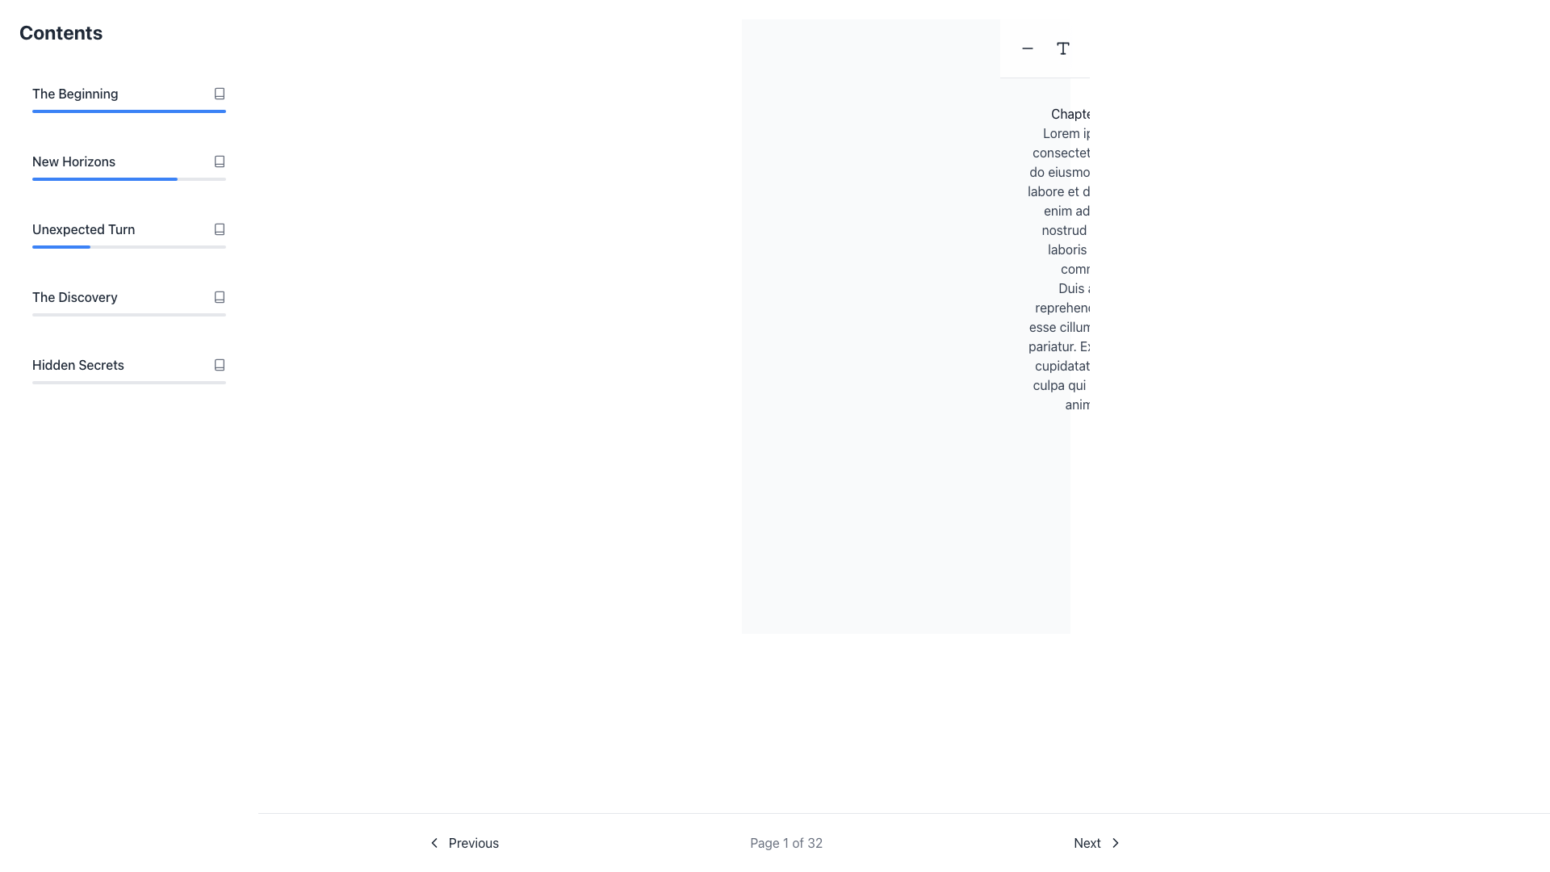 The image size is (1550, 872). Describe the element at coordinates (219, 364) in the screenshot. I see `the gray book icon located to the right of the 'Hidden Secrets' text in the left-side navigation menu` at that location.